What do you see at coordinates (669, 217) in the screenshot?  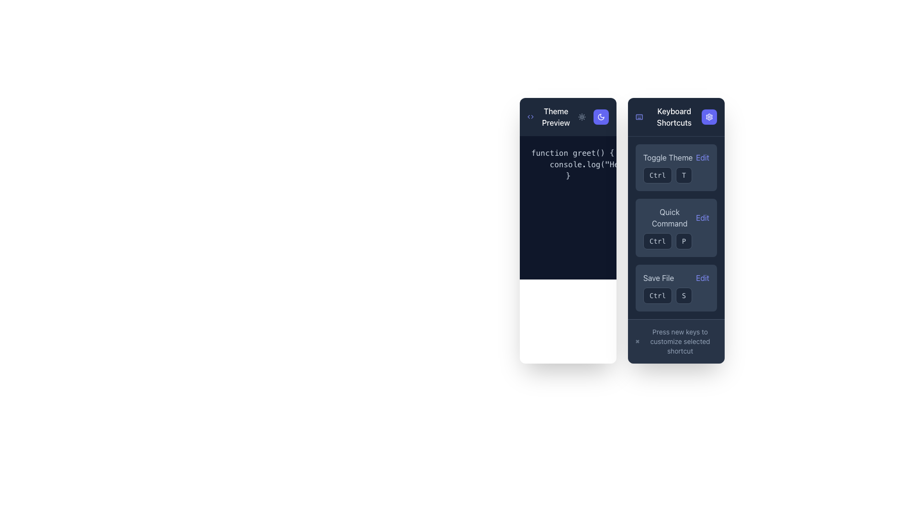 I see `text content of the 'Quick Command' label located in the second row of the 'Keyboard Shortcuts' pane, positioned left adjacent to the 'Edit' link` at bounding box center [669, 217].